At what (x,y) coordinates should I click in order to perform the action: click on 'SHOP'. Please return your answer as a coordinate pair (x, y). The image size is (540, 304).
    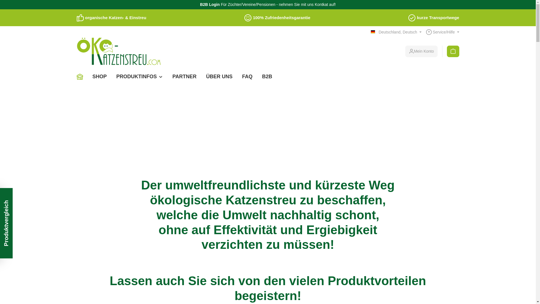
    Looking at the image, I should click on (100, 77).